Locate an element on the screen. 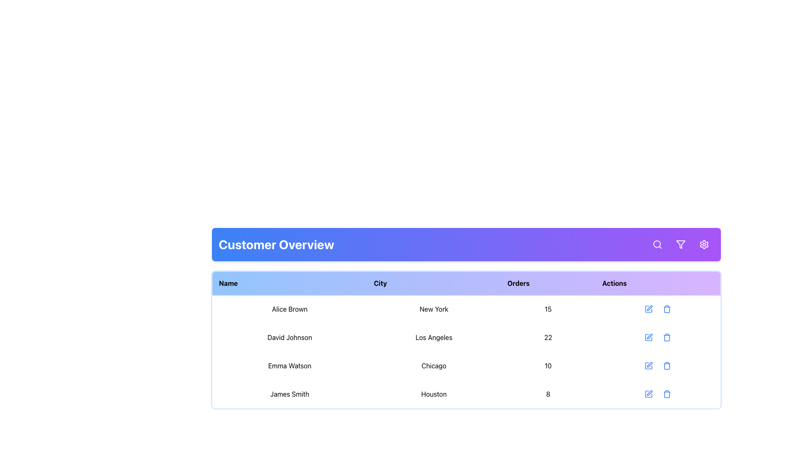 The image size is (801, 450). the blue square icon button with a pen in the top-right corner located in the Actions column of the row for 'James Smith' in the Customer Overview table is located at coordinates (648, 394).